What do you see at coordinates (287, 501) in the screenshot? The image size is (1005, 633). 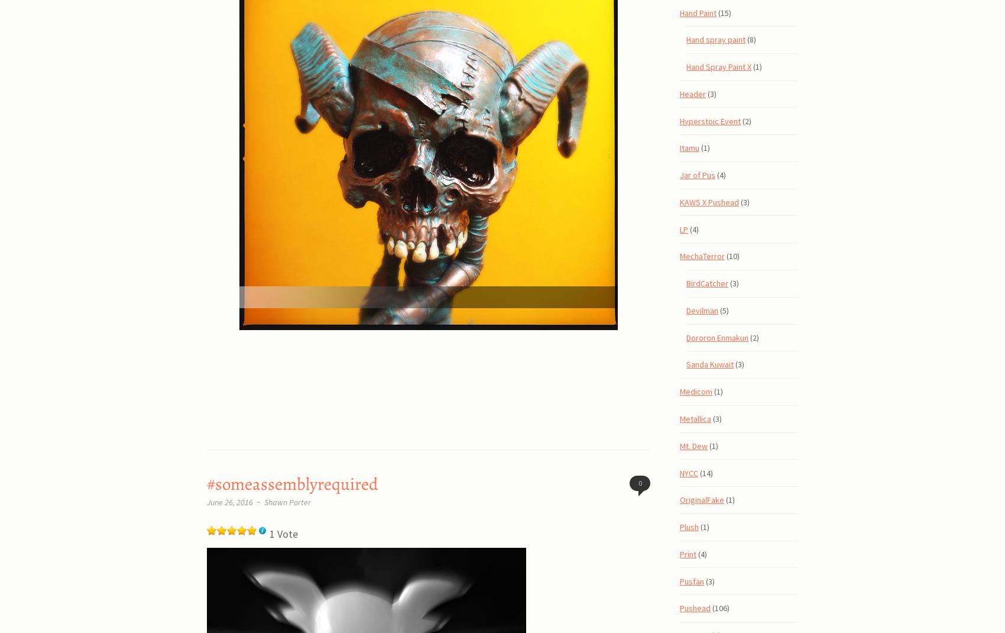 I see `'Shawn Porter'` at bounding box center [287, 501].